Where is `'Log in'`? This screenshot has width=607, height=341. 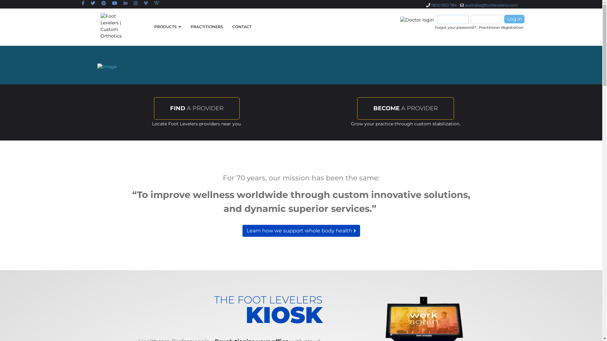 'Log in' is located at coordinates (514, 19).